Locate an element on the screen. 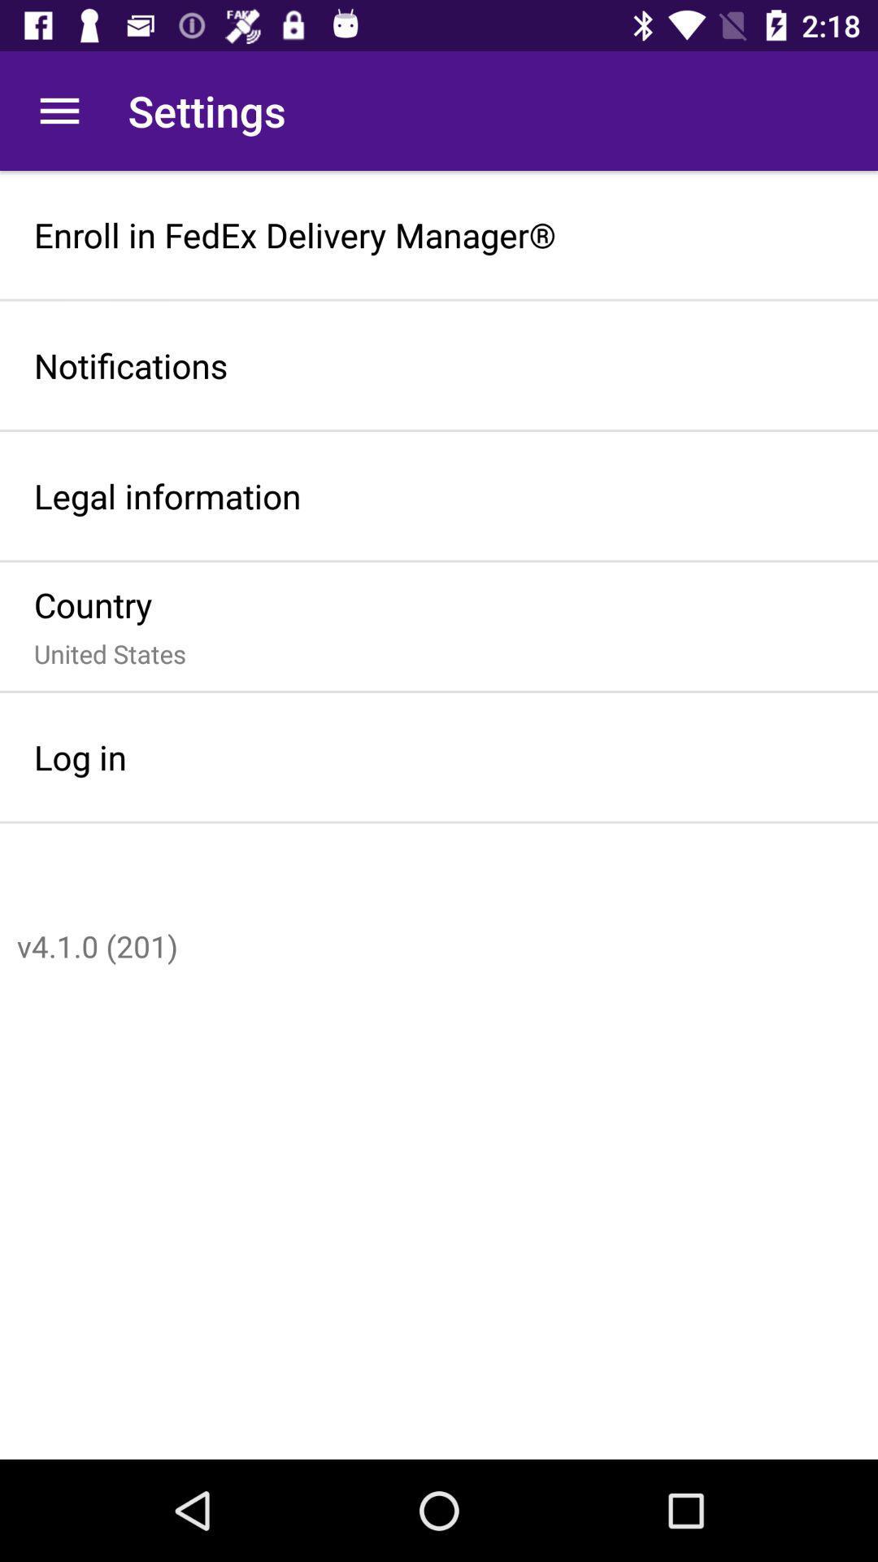 The height and width of the screenshot is (1562, 878). the app next to the settings is located at coordinates (59, 110).